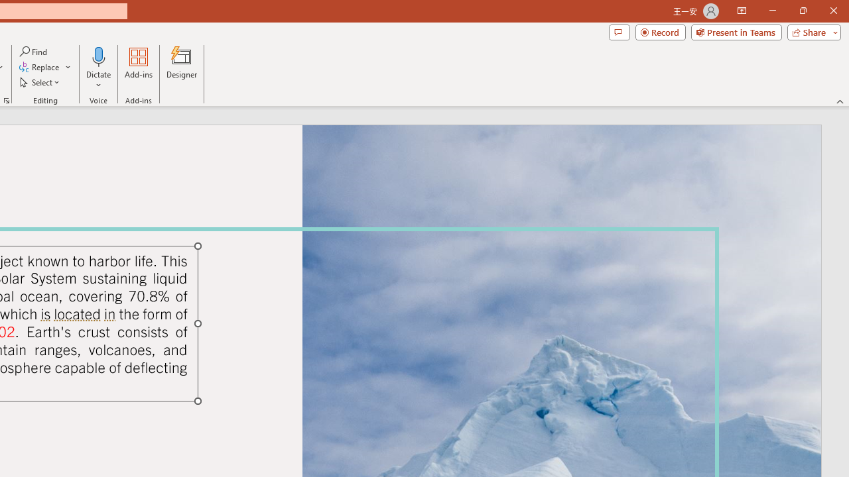  Describe the element at coordinates (98, 56) in the screenshot. I see `'Dictate'` at that location.